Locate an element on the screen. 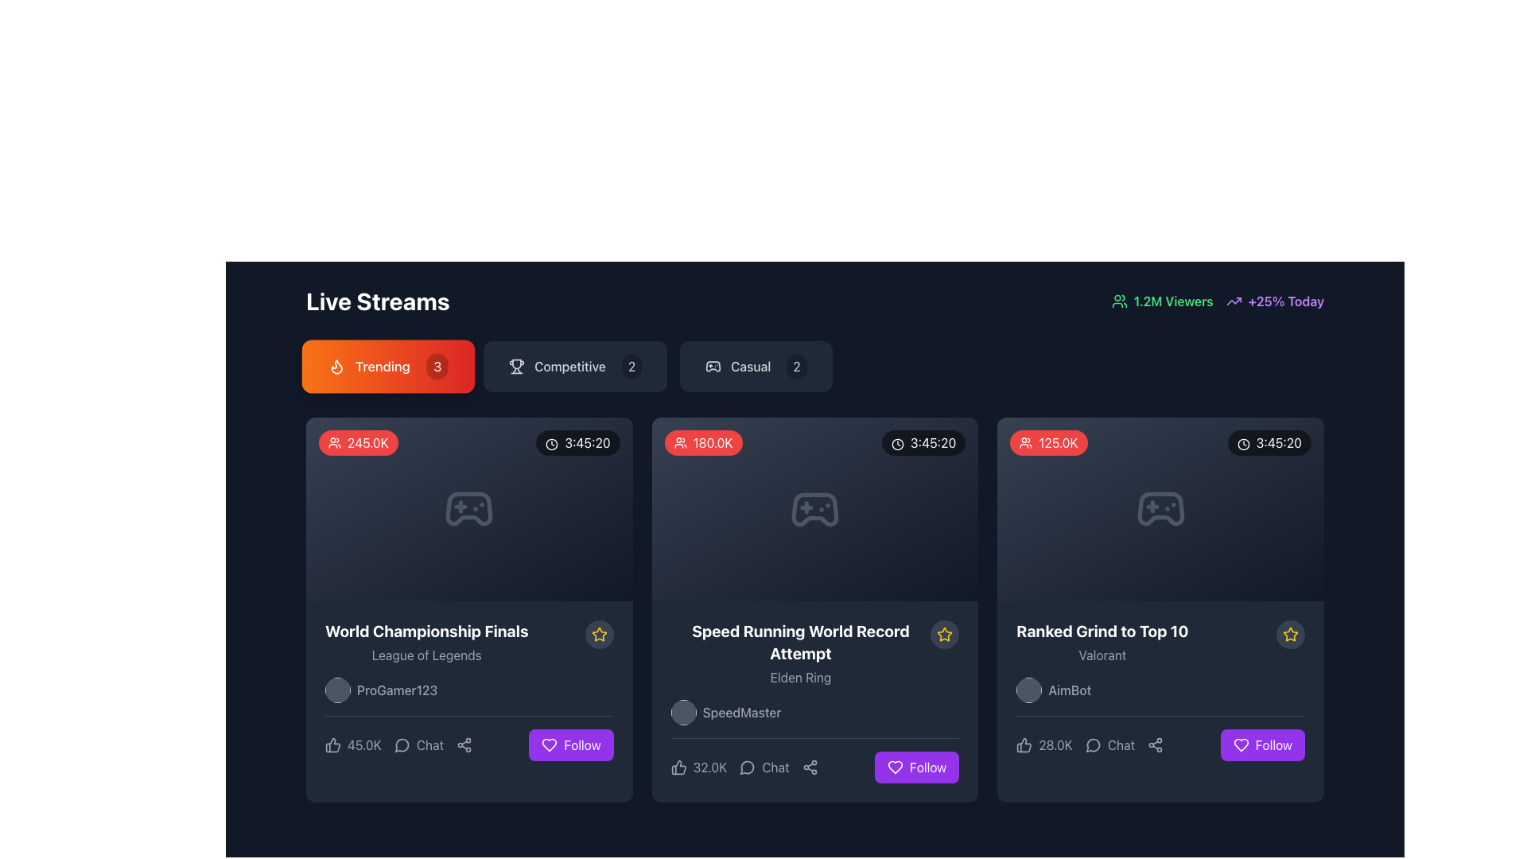 The height and width of the screenshot is (859, 1527). the SVG gamepad icon with a dark gray outline located in the first stream card beneath the 'Trending' tab is located at coordinates (468, 509).